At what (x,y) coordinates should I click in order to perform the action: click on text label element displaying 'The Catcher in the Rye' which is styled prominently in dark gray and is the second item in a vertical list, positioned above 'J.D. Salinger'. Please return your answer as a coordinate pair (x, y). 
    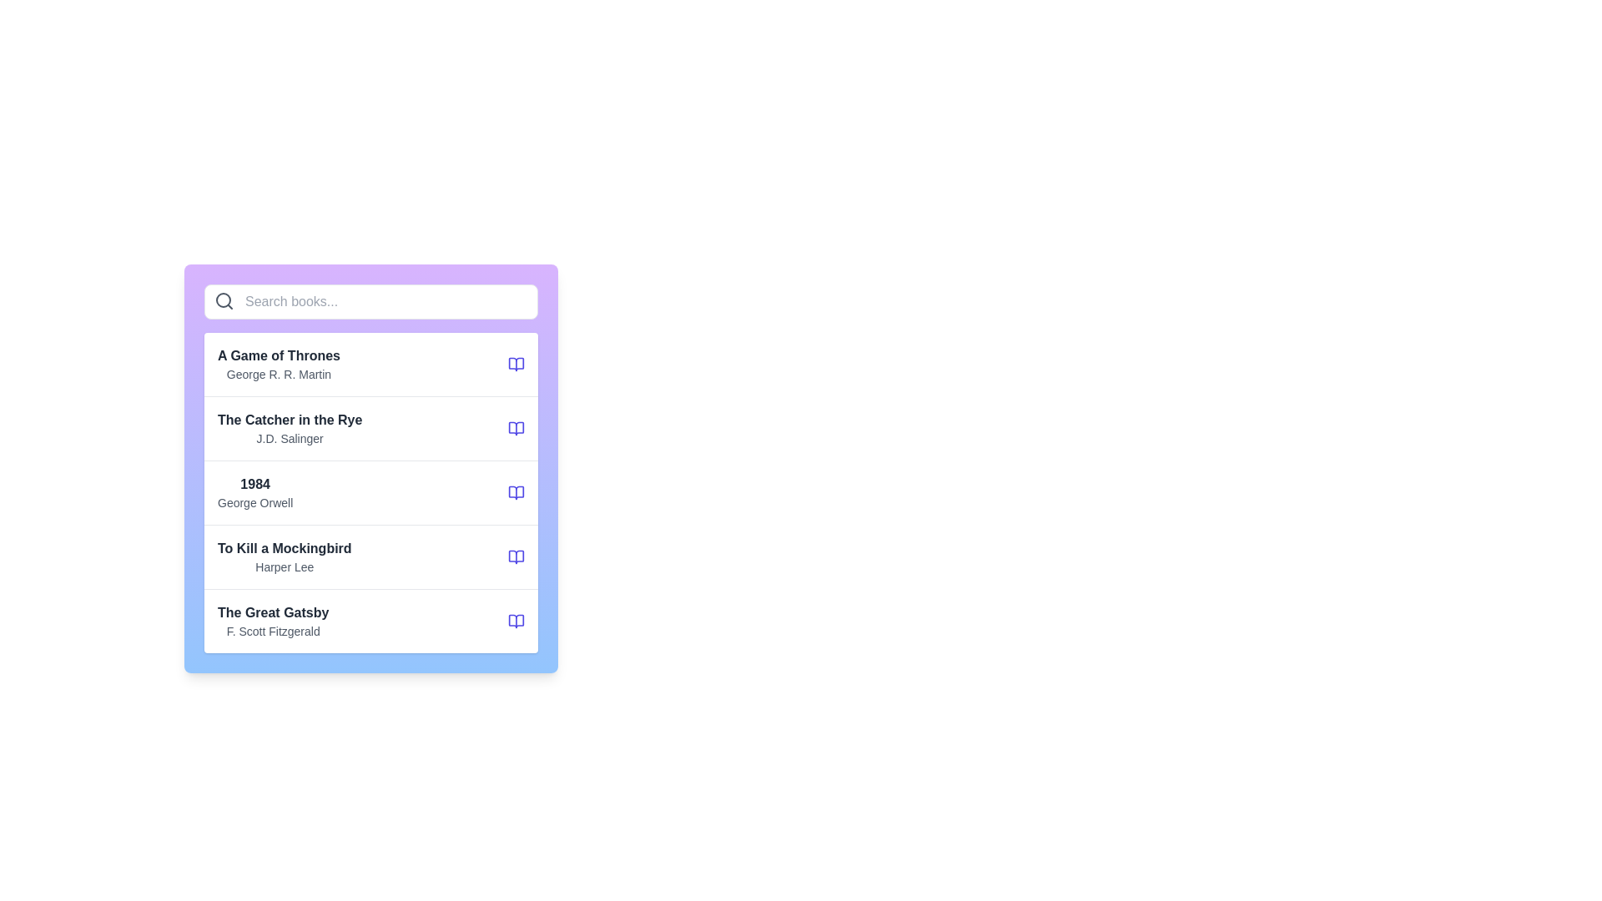
    Looking at the image, I should click on (290, 420).